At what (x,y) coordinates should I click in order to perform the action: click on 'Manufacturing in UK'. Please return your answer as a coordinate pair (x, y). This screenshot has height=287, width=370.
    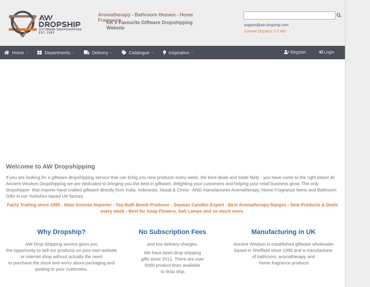
    Looking at the image, I should click on (283, 232).